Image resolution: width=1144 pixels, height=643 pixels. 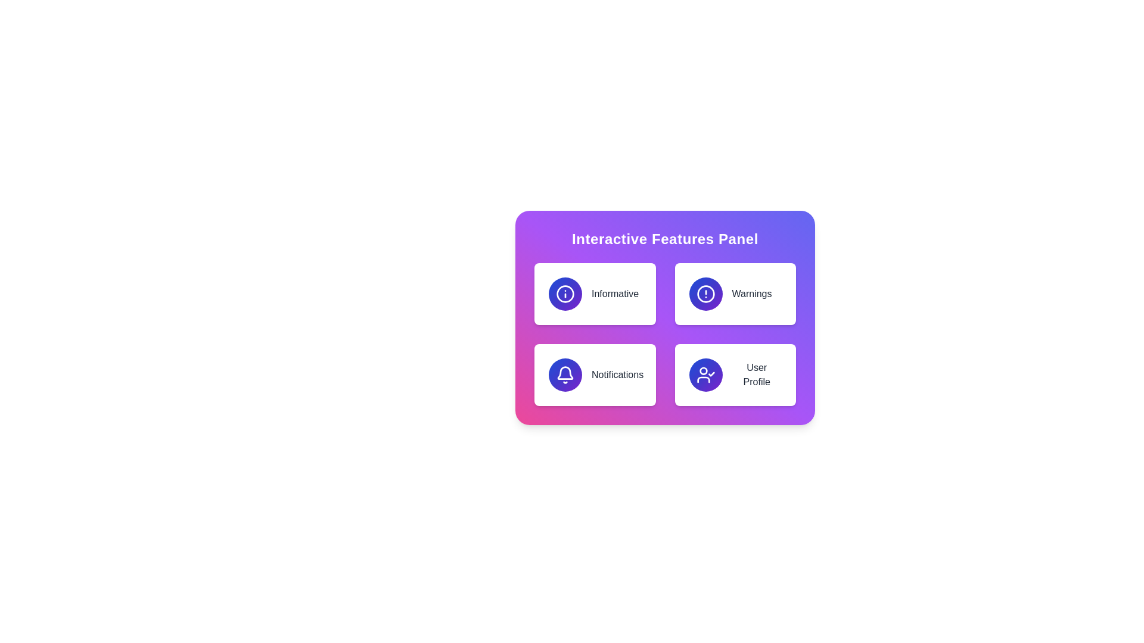 What do you see at coordinates (615, 294) in the screenshot?
I see `the Text Label that provides a descriptive label for the card in the top-left quadrant of the four-card grid` at bounding box center [615, 294].